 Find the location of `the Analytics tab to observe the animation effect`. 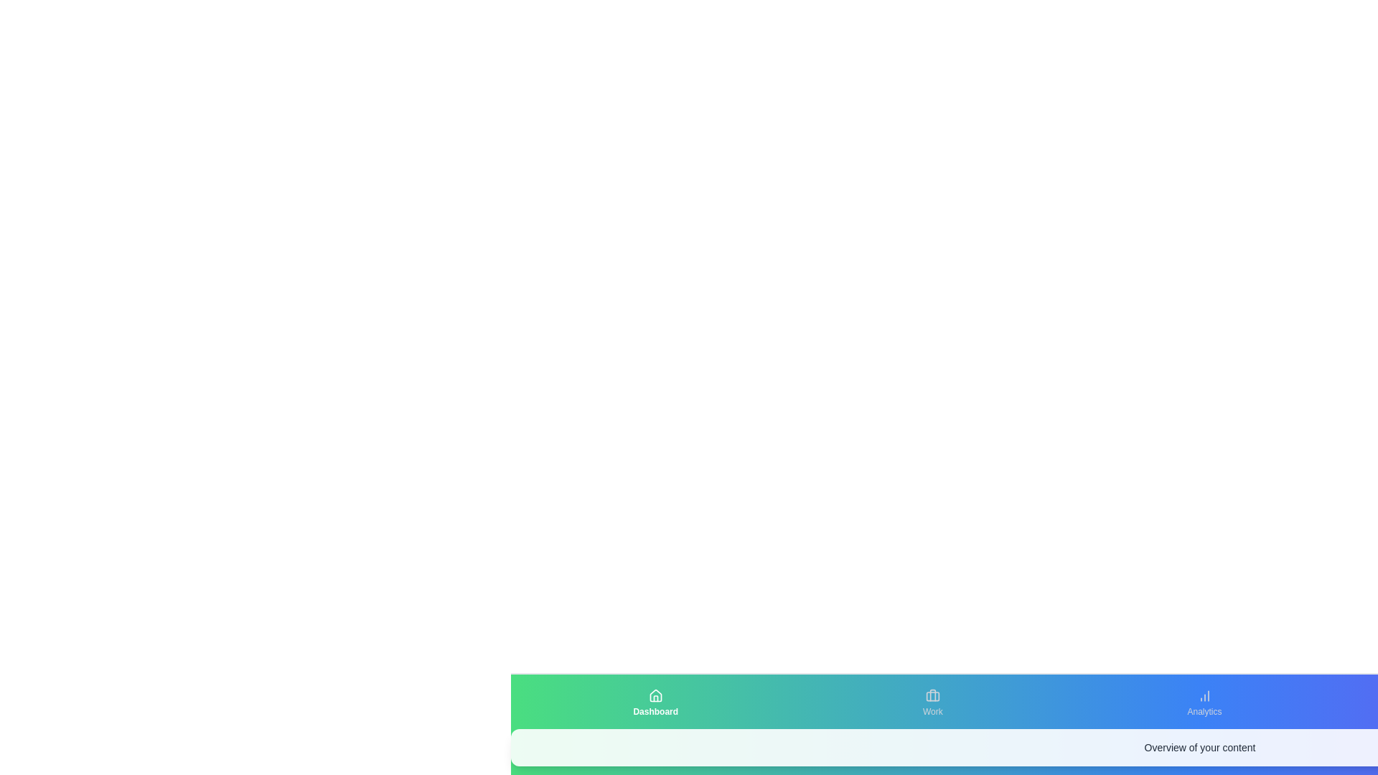

the Analytics tab to observe the animation effect is located at coordinates (1204, 702).